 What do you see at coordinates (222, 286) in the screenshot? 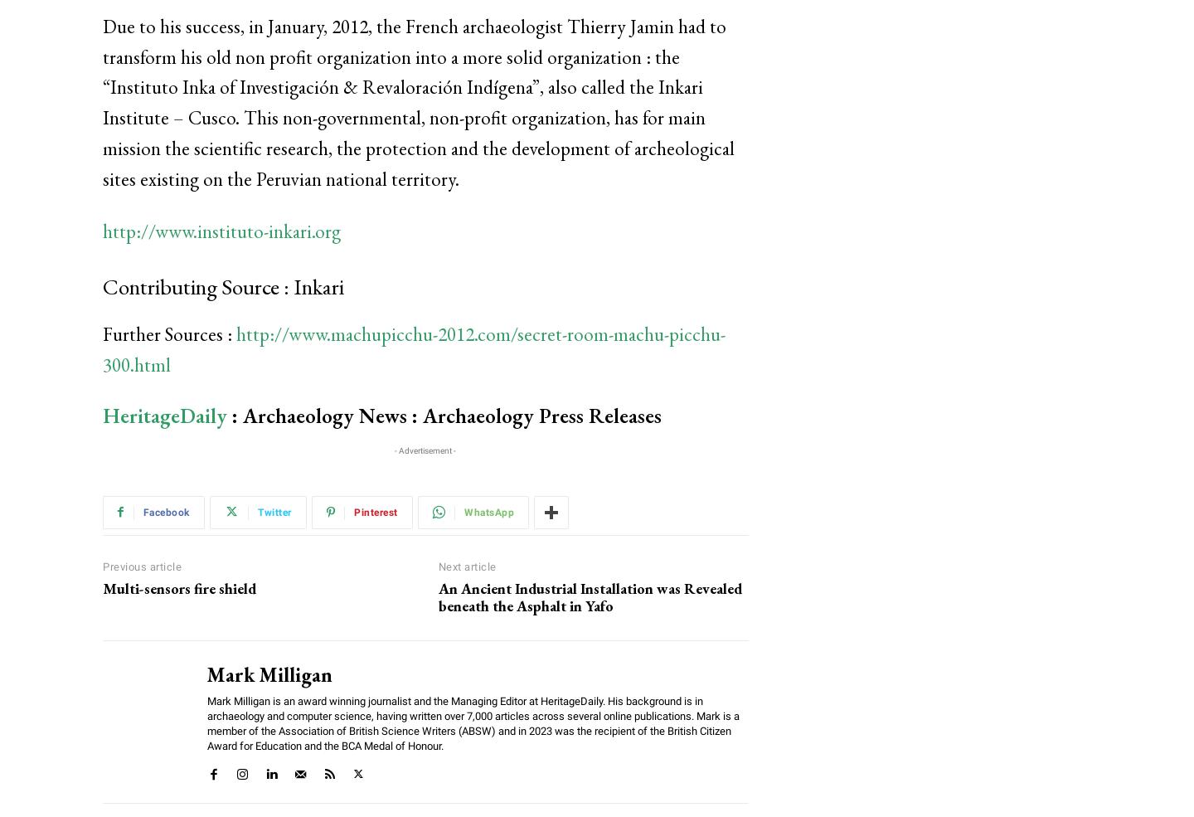
I see `'Contributing Source : Inkari'` at bounding box center [222, 286].